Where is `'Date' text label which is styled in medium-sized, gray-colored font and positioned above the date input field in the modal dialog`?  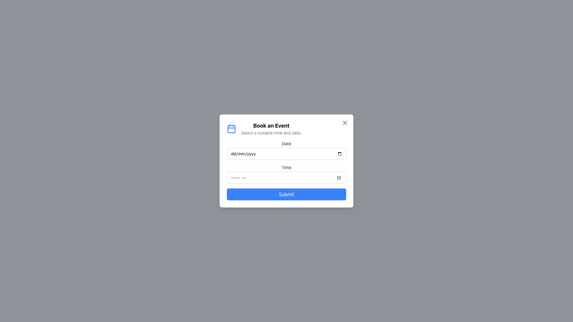
'Date' text label which is styled in medium-sized, gray-colored font and positioned above the date input field in the modal dialog is located at coordinates (286, 144).